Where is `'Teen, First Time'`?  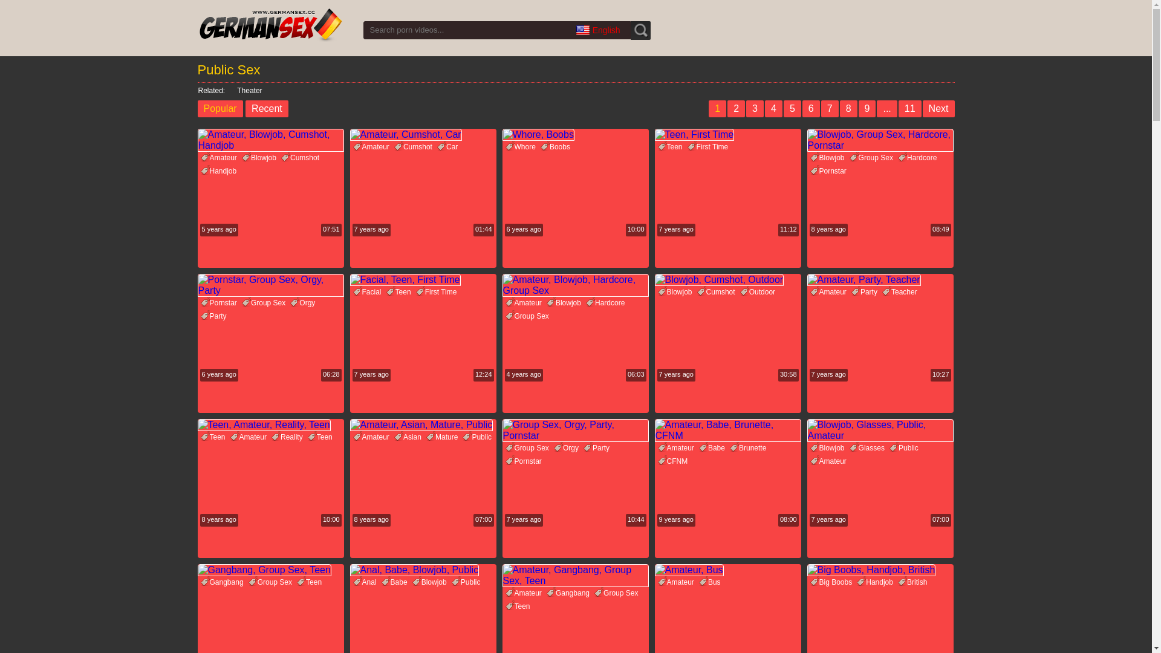
'Teen, First Time' is located at coordinates (727, 135).